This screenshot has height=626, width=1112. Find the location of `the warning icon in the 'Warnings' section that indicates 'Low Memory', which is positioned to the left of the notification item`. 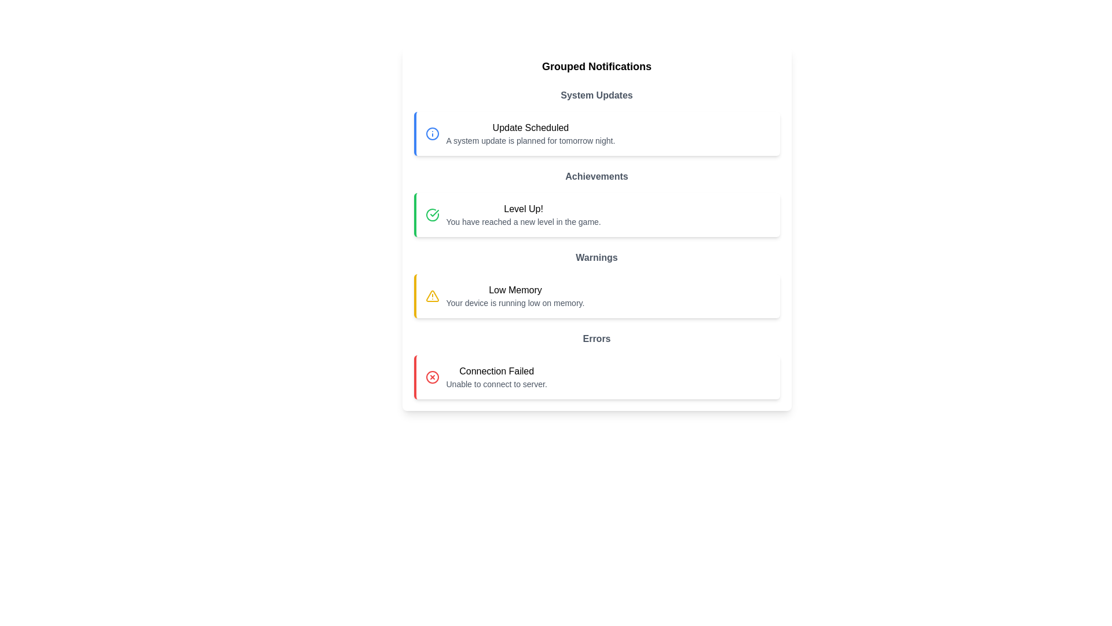

the warning icon in the 'Warnings' section that indicates 'Low Memory', which is positioned to the left of the notification item is located at coordinates (431, 295).